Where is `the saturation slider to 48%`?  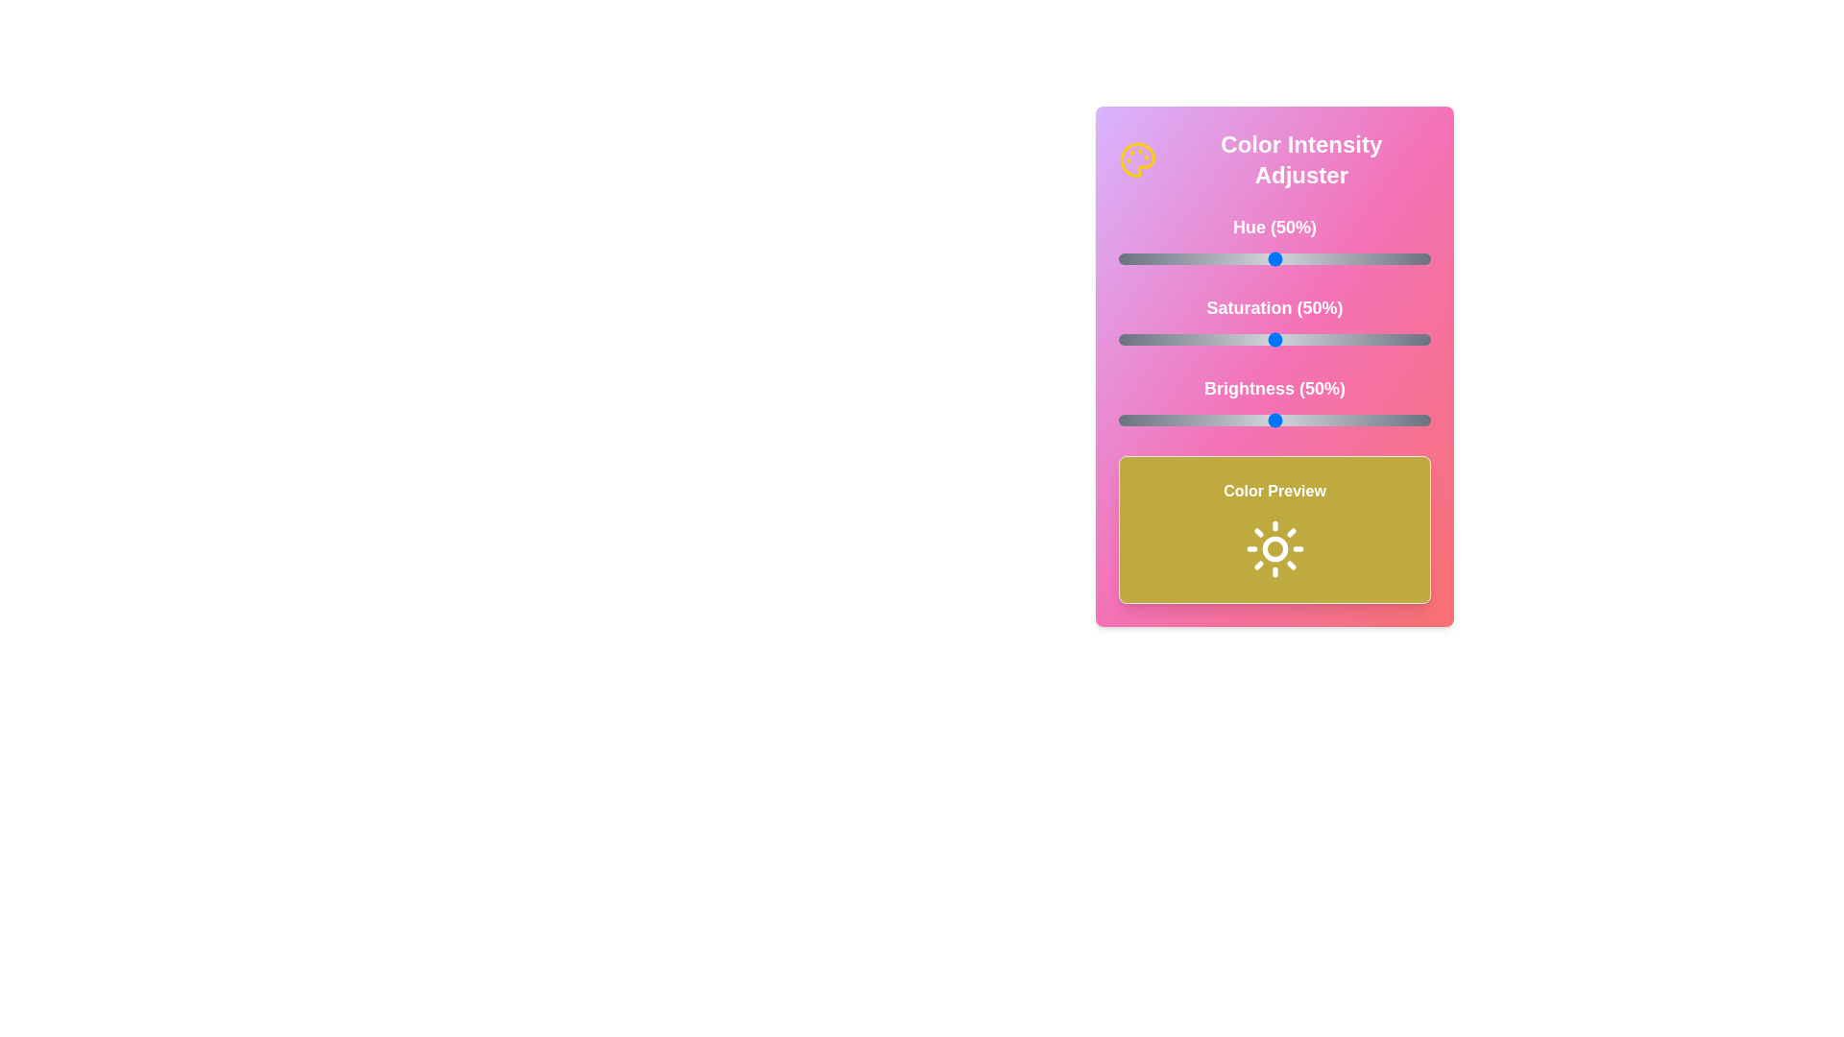
the saturation slider to 48% is located at coordinates (1268, 339).